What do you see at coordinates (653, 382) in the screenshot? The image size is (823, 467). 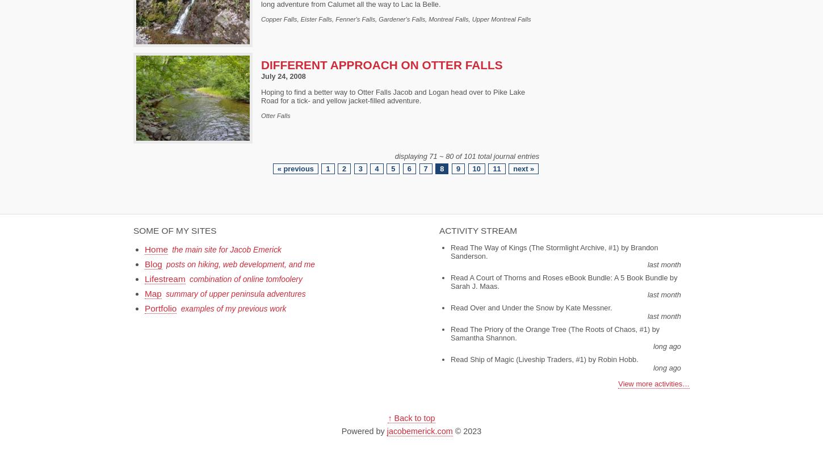 I see `'View more activities…'` at bounding box center [653, 382].